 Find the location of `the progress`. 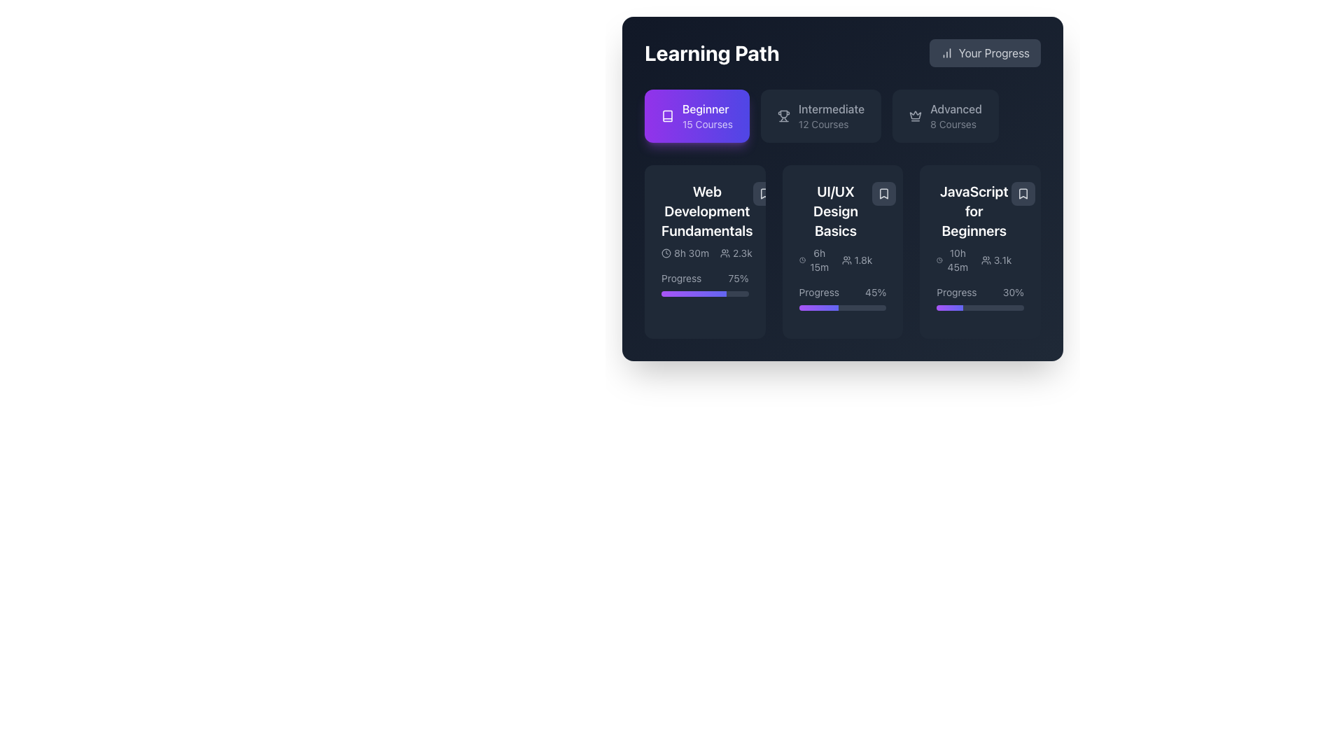

the progress is located at coordinates (691, 293).